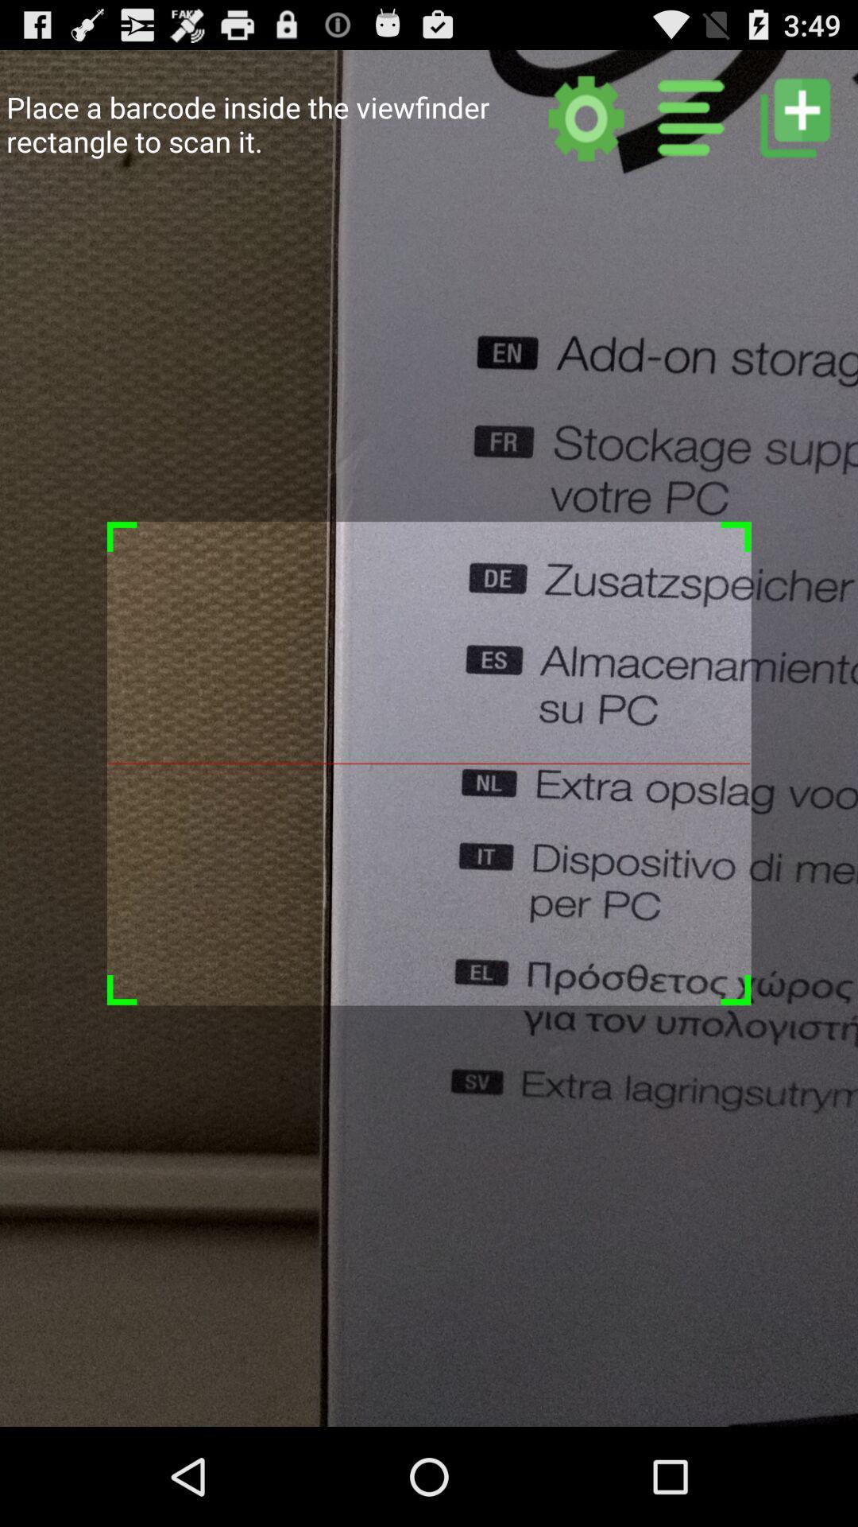 Image resolution: width=858 pixels, height=1527 pixels. What do you see at coordinates (586, 117) in the screenshot?
I see `tap to get settings menu` at bounding box center [586, 117].